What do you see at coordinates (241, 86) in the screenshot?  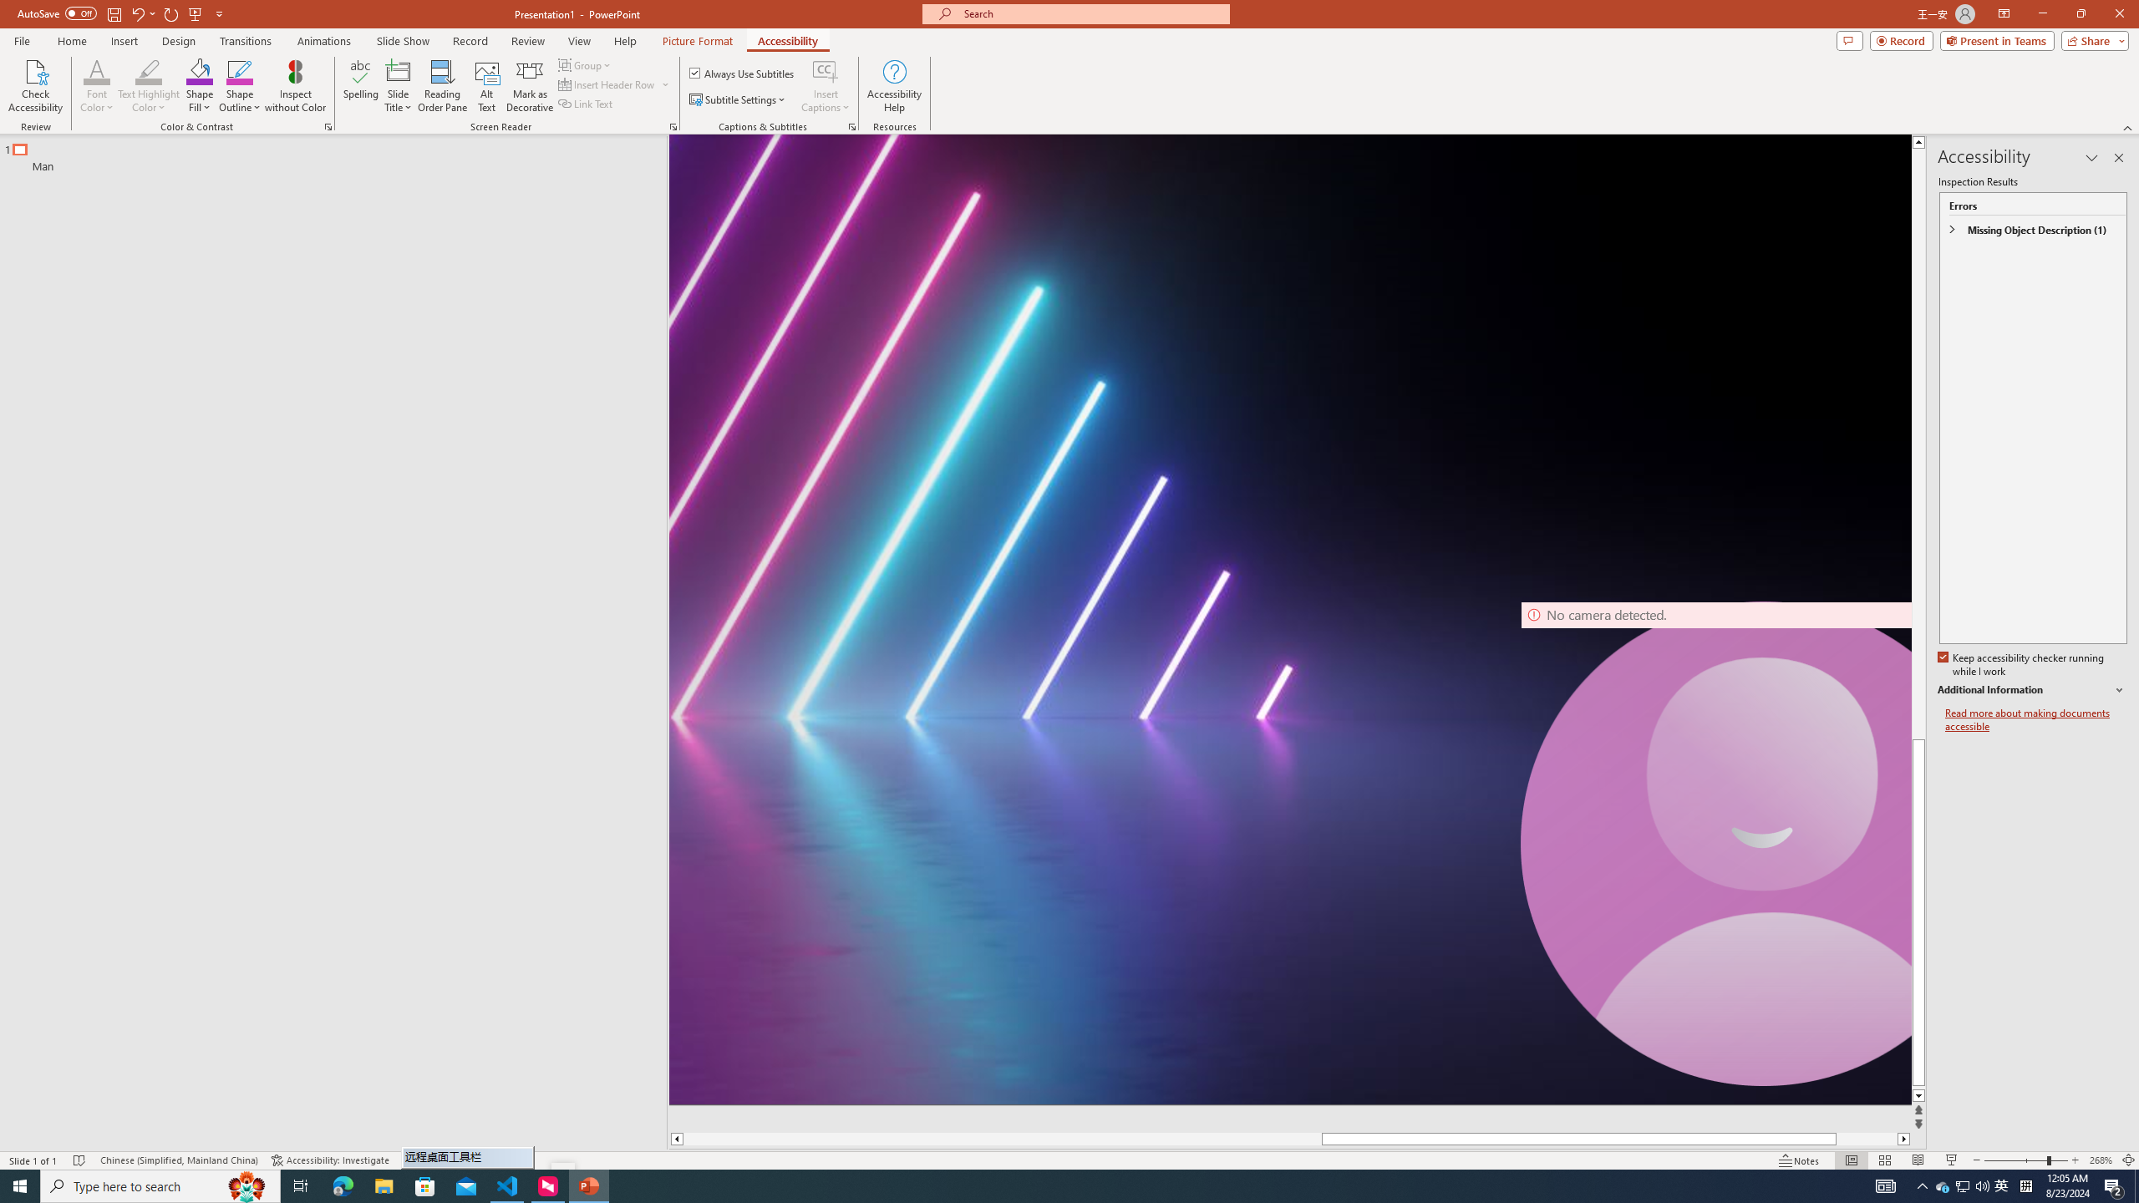 I see `'Shape Outline'` at bounding box center [241, 86].